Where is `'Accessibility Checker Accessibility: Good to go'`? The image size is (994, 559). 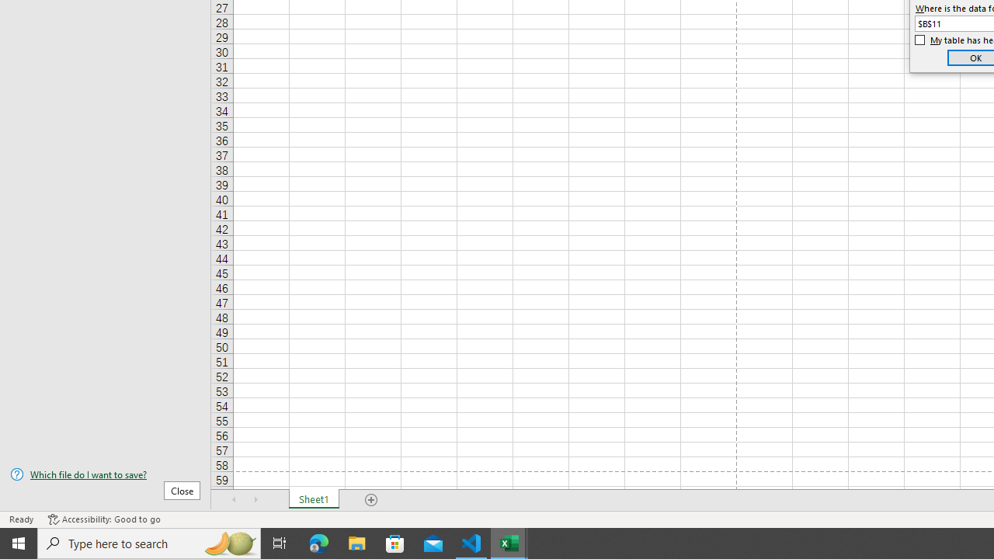
'Accessibility Checker Accessibility: Good to go' is located at coordinates (103, 519).